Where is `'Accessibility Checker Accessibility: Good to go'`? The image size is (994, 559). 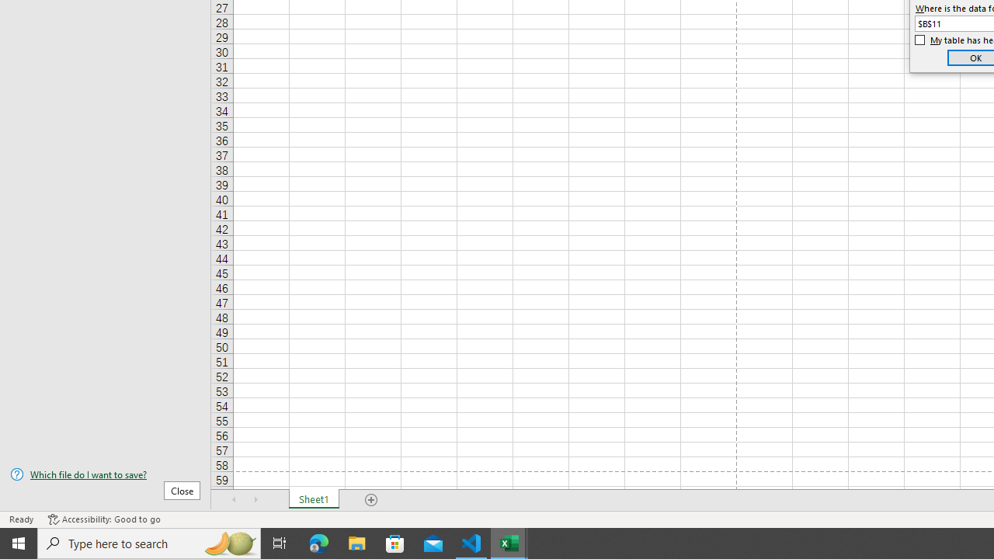
'Accessibility Checker Accessibility: Good to go' is located at coordinates (103, 519).